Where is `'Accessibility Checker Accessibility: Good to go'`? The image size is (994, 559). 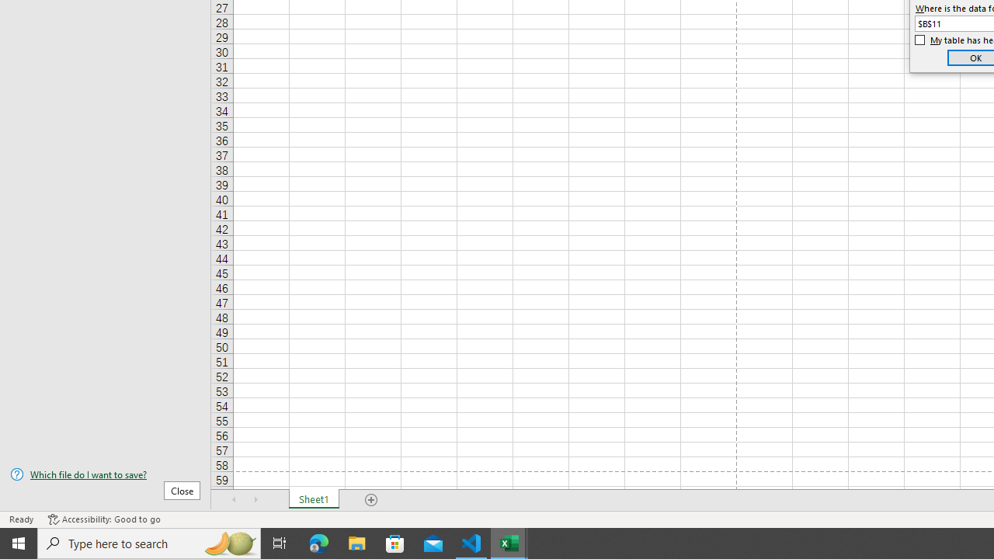
'Accessibility Checker Accessibility: Good to go' is located at coordinates (103, 519).